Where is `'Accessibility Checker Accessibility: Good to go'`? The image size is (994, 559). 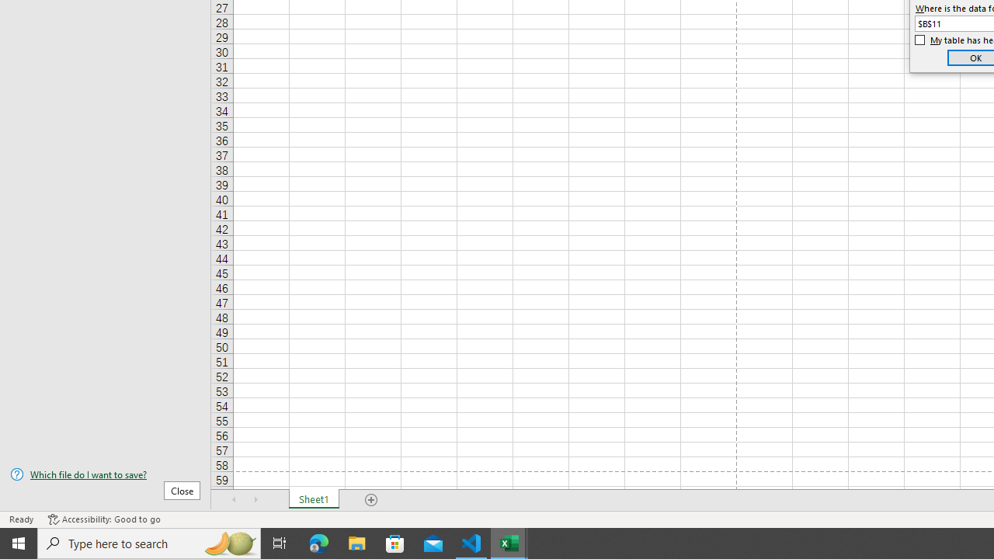
'Accessibility Checker Accessibility: Good to go' is located at coordinates (103, 519).